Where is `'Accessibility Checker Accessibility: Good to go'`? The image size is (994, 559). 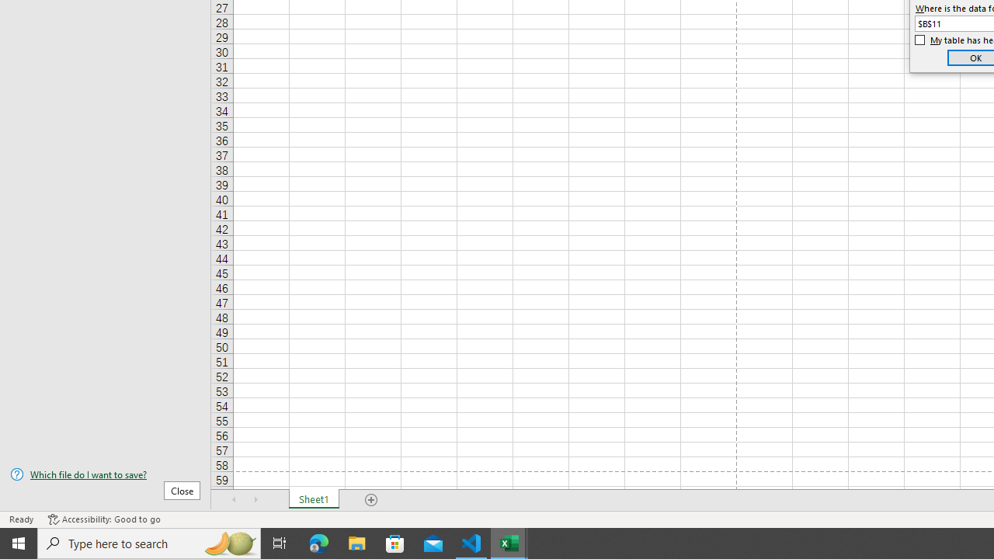
'Accessibility Checker Accessibility: Good to go' is located at coordinates (103, 519).